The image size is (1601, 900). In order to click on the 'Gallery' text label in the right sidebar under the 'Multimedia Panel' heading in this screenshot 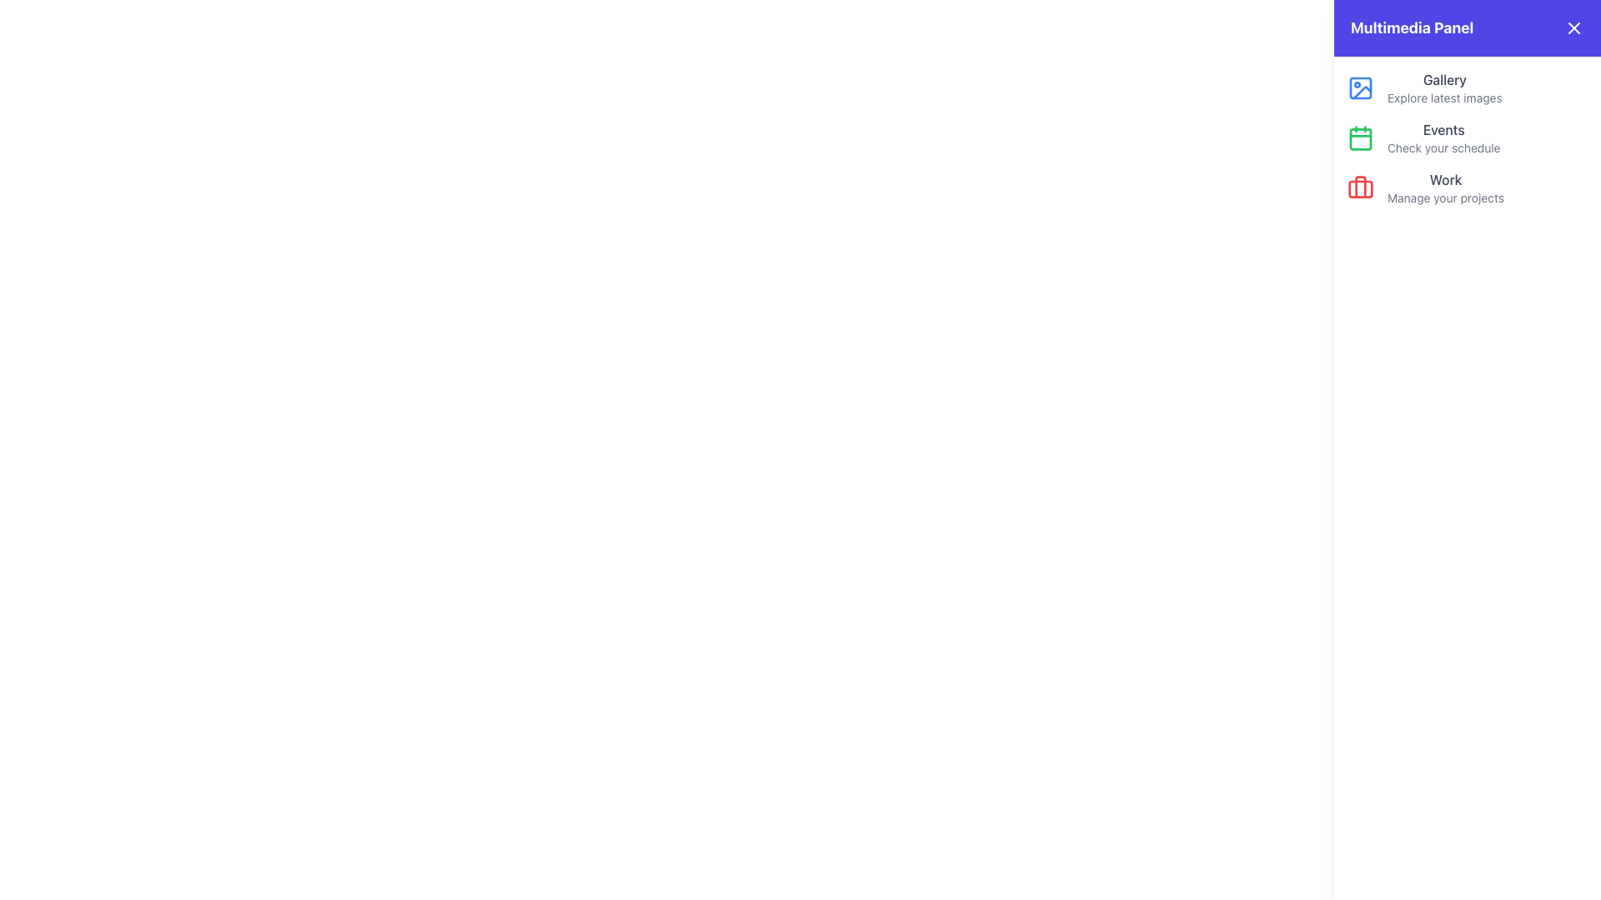, I will do `click(1443, 80)`.